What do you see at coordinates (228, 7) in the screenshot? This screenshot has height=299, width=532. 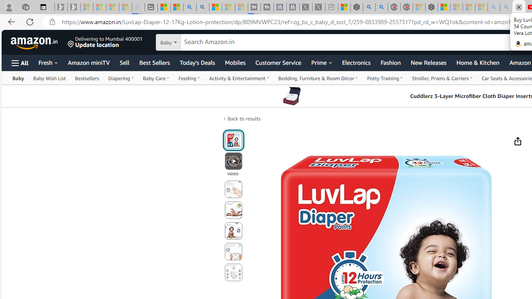 I see `'Microsoft Start - Sleeping'` at bounding box center [228, 7].